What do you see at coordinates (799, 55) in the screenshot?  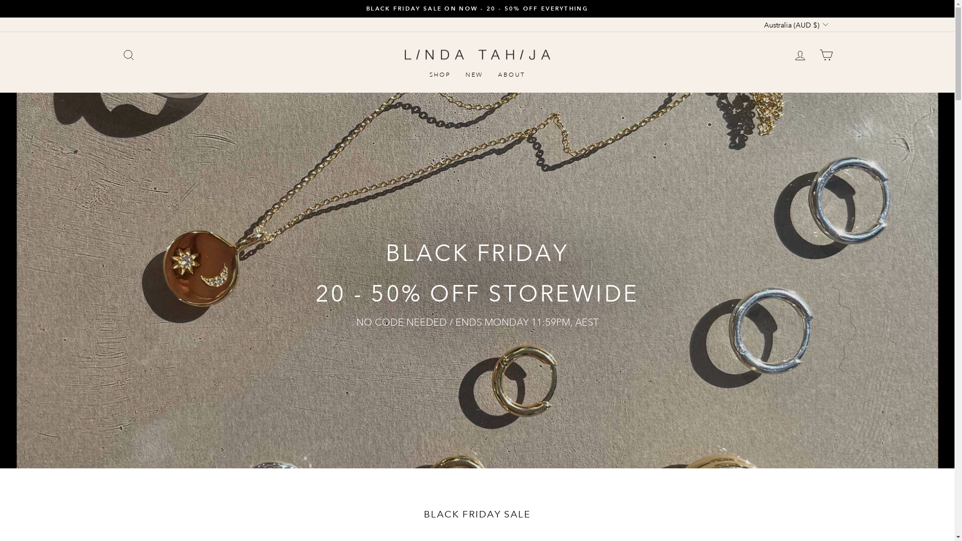 I see `'LOG IN'` at bounding box center [799, 55].